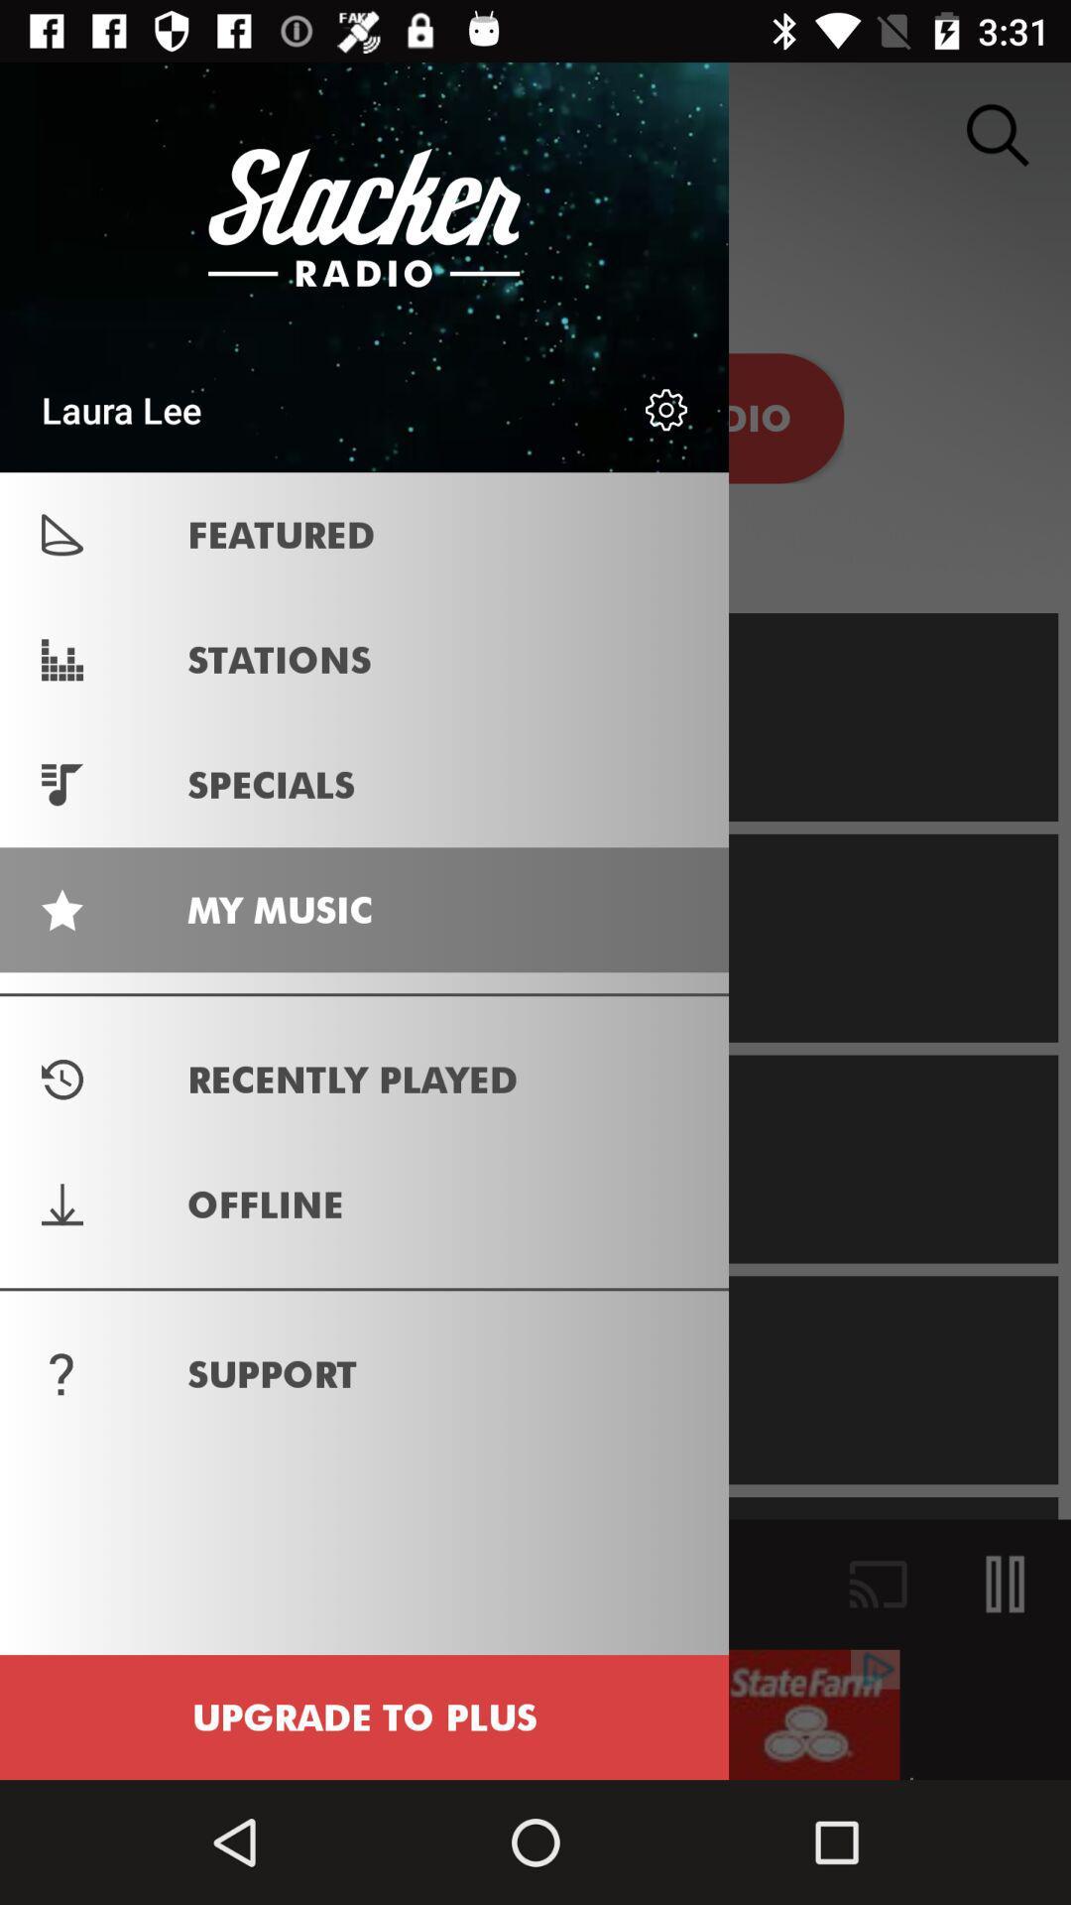  What do you see at coordinates (1006, 1584) in the screenshot?
I see `the pause icon` at bounding box center [1006, 1584].